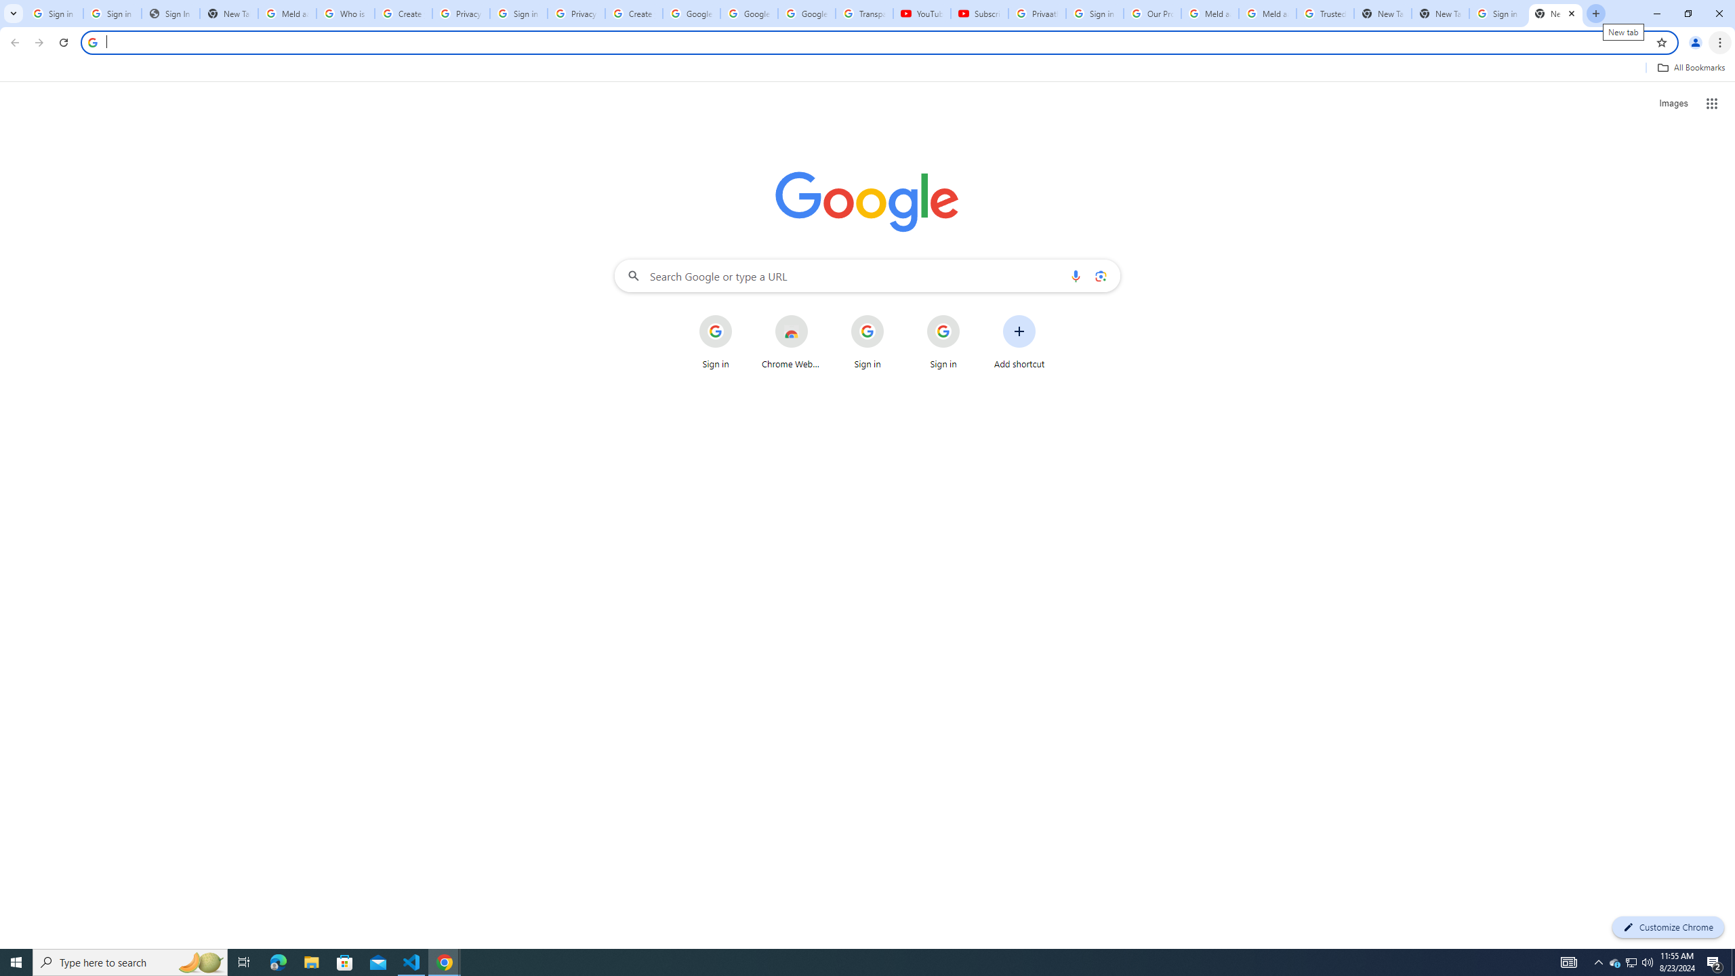 The width and height of the screenshot is (1735, 976). What do you see at coordinates (980, 13) in the screenshot?
I see `'Subscriptions - YouTube'` at bounding box center [980, 13].